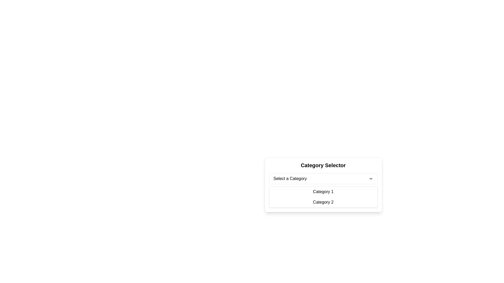 This screenshot has width=504, height=283. What do you see at coordinates (323, 197) in the screenshot?
I see `the 'Category 2' option within the List of selectable options located in the 'Category Selector' card component, positioned below the 'Select a Category' dropdown` at bounding box center [323, 197].